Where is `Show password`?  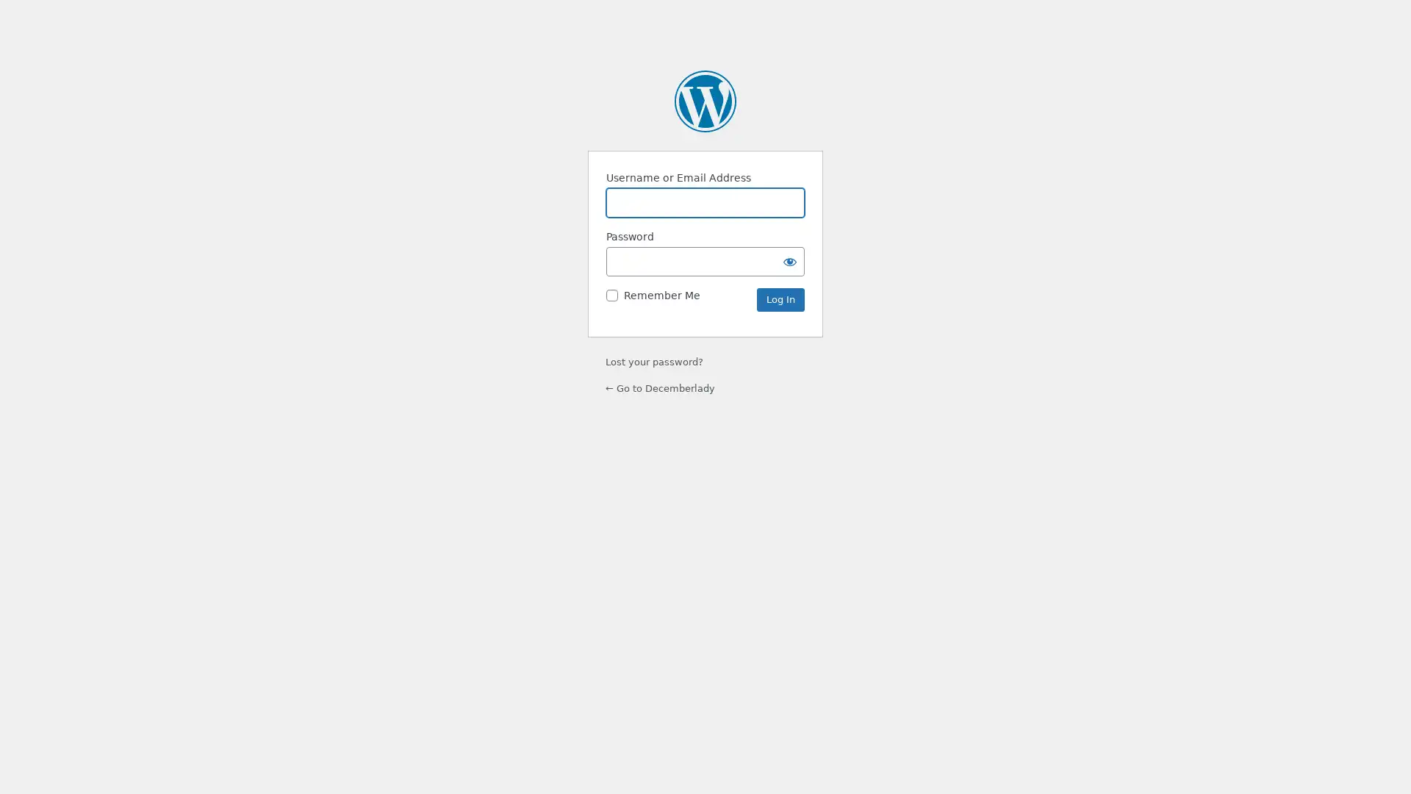
Show password is located at coordinates (789, 260).